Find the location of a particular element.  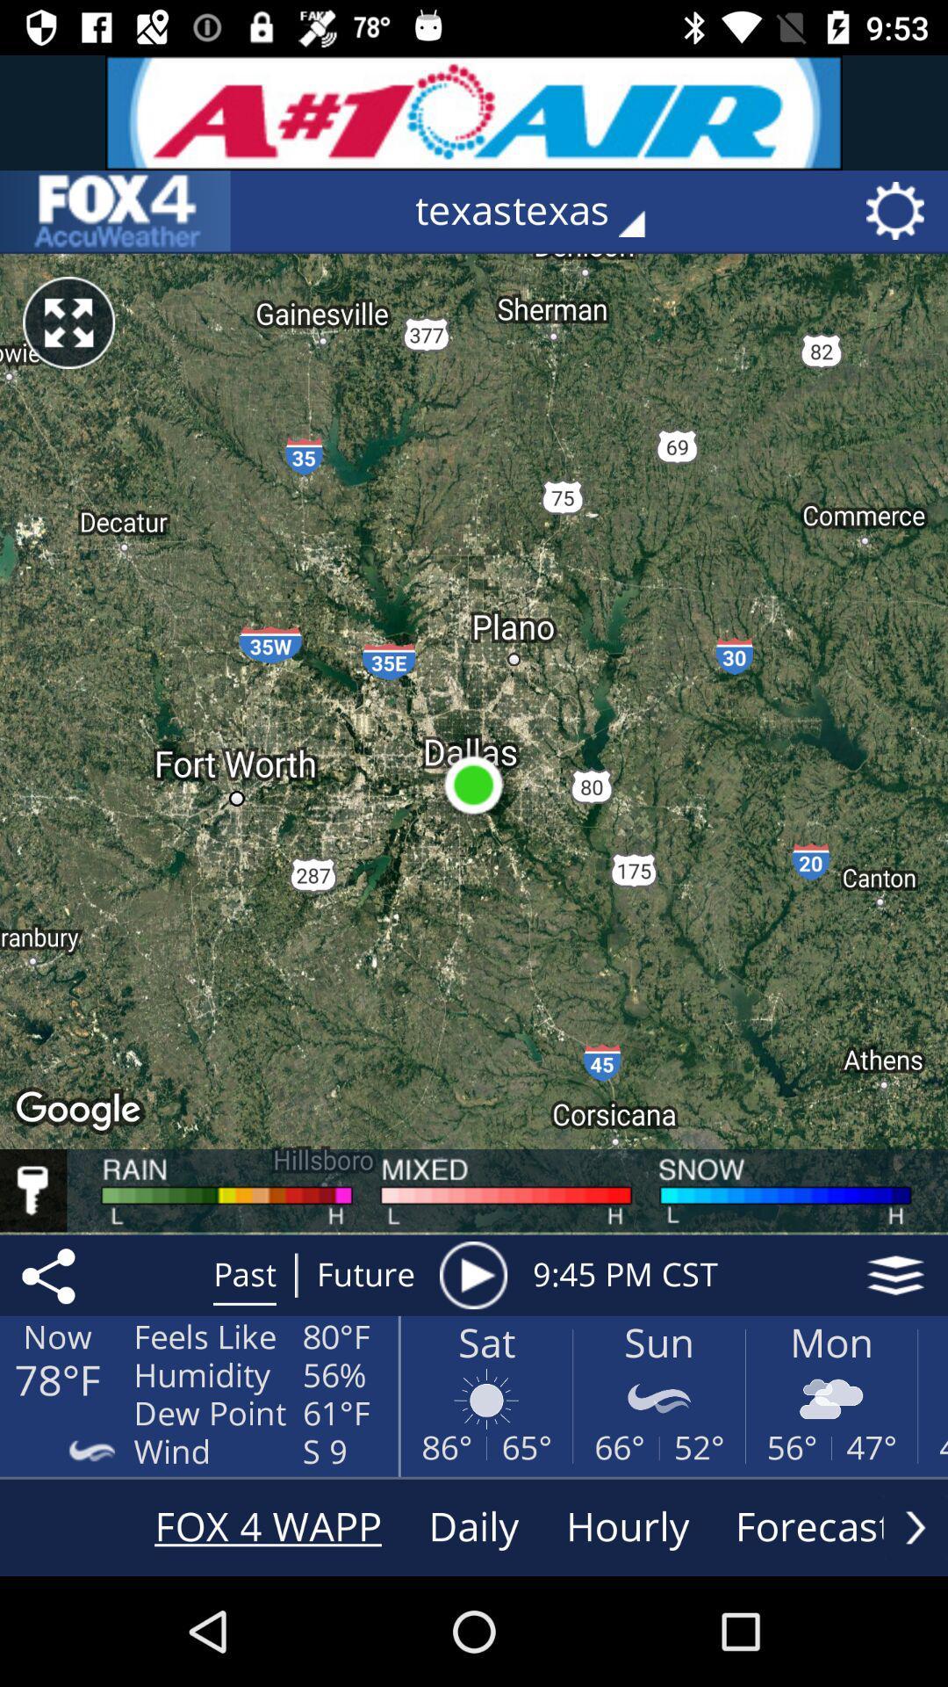

visit the app-maker 's website is located at coordinates (115, 211).